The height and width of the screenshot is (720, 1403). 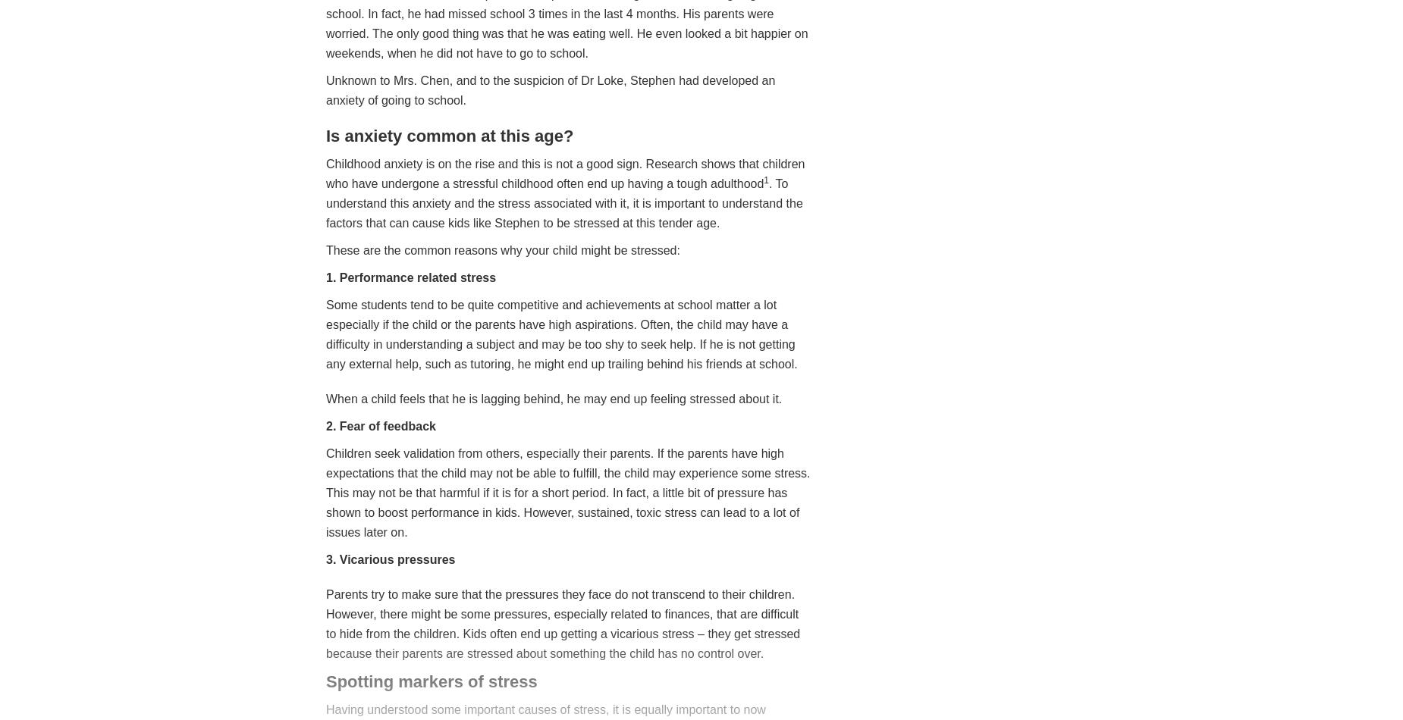 I want to click on 'Childhood anxiety is on the rise and this is not a good sign. Research shows that children who have undergone a stressful childhood often end up having a tough adulthood', so click(x=565, y=173).